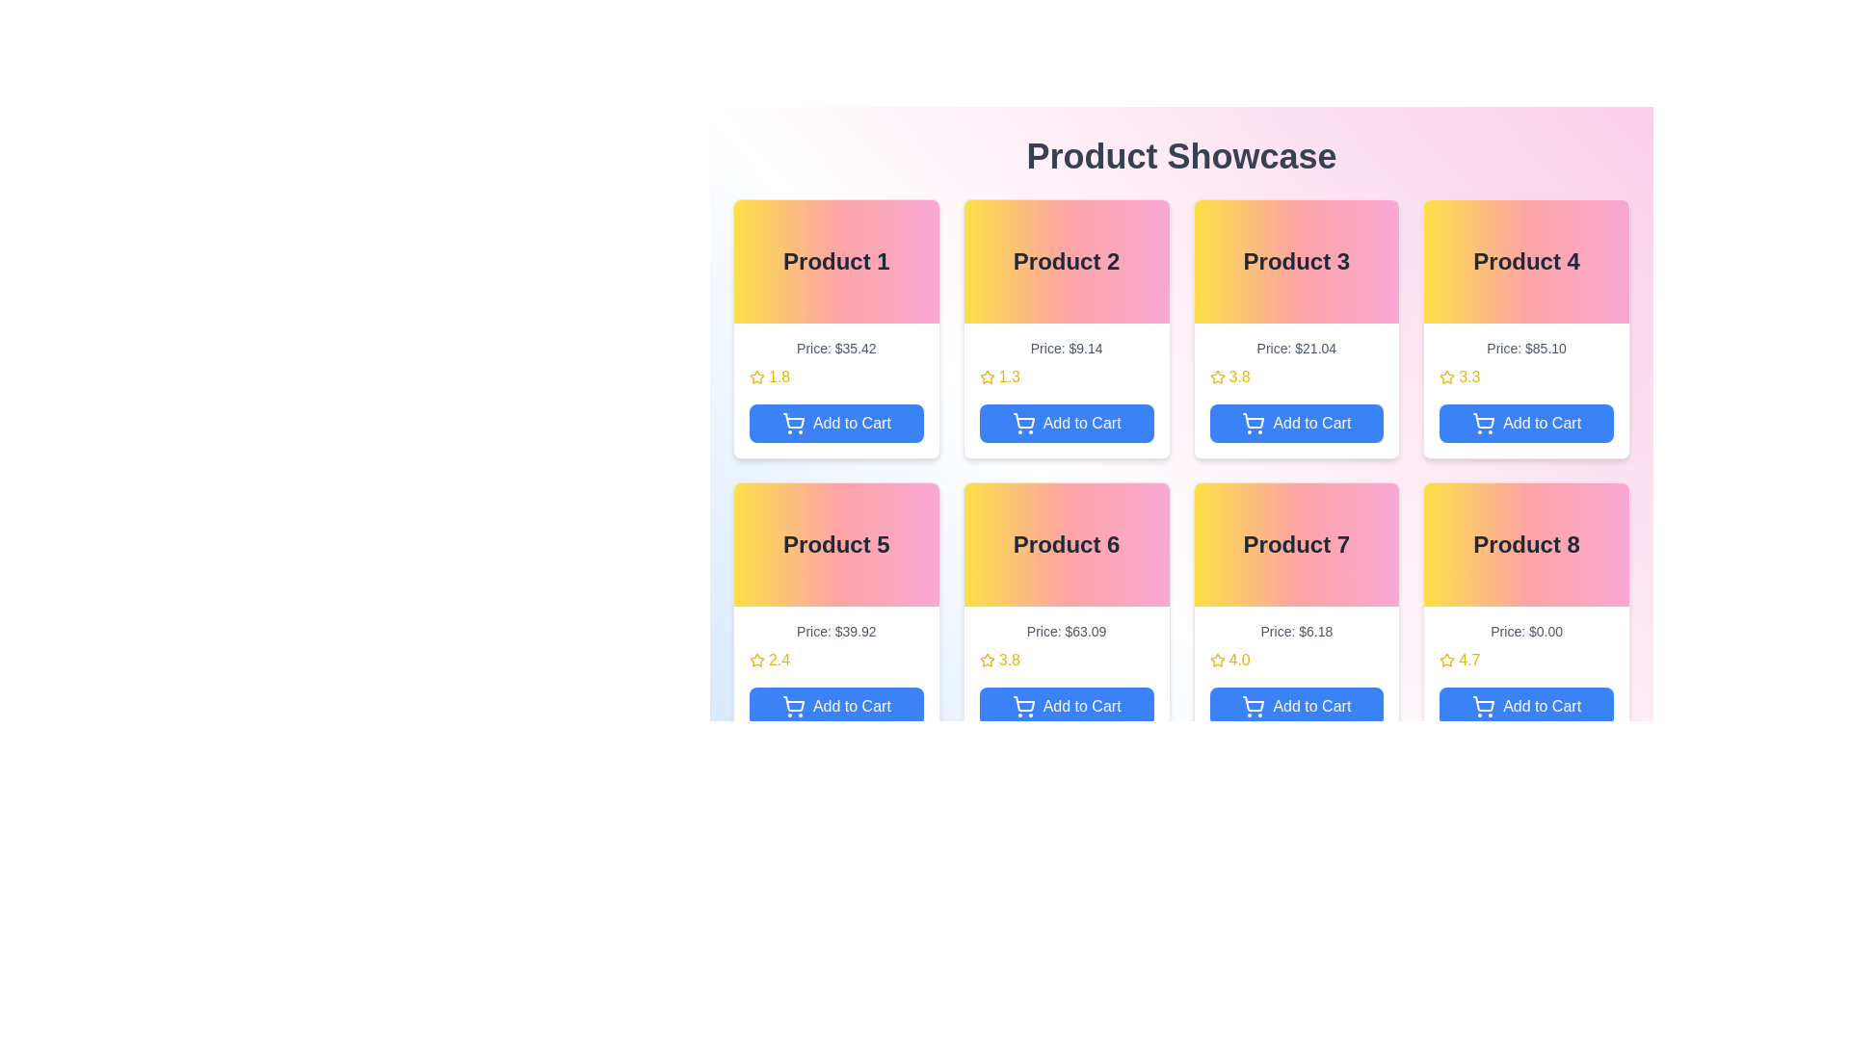 The height and width of the screenshot is (1040, 1850). Describe the element at coordinates (836, 262) in the screenshot. I see `the label that serves as the title for the first product in the 'Product Showcase' section, located within the top-left card of the grid layout` at that location.